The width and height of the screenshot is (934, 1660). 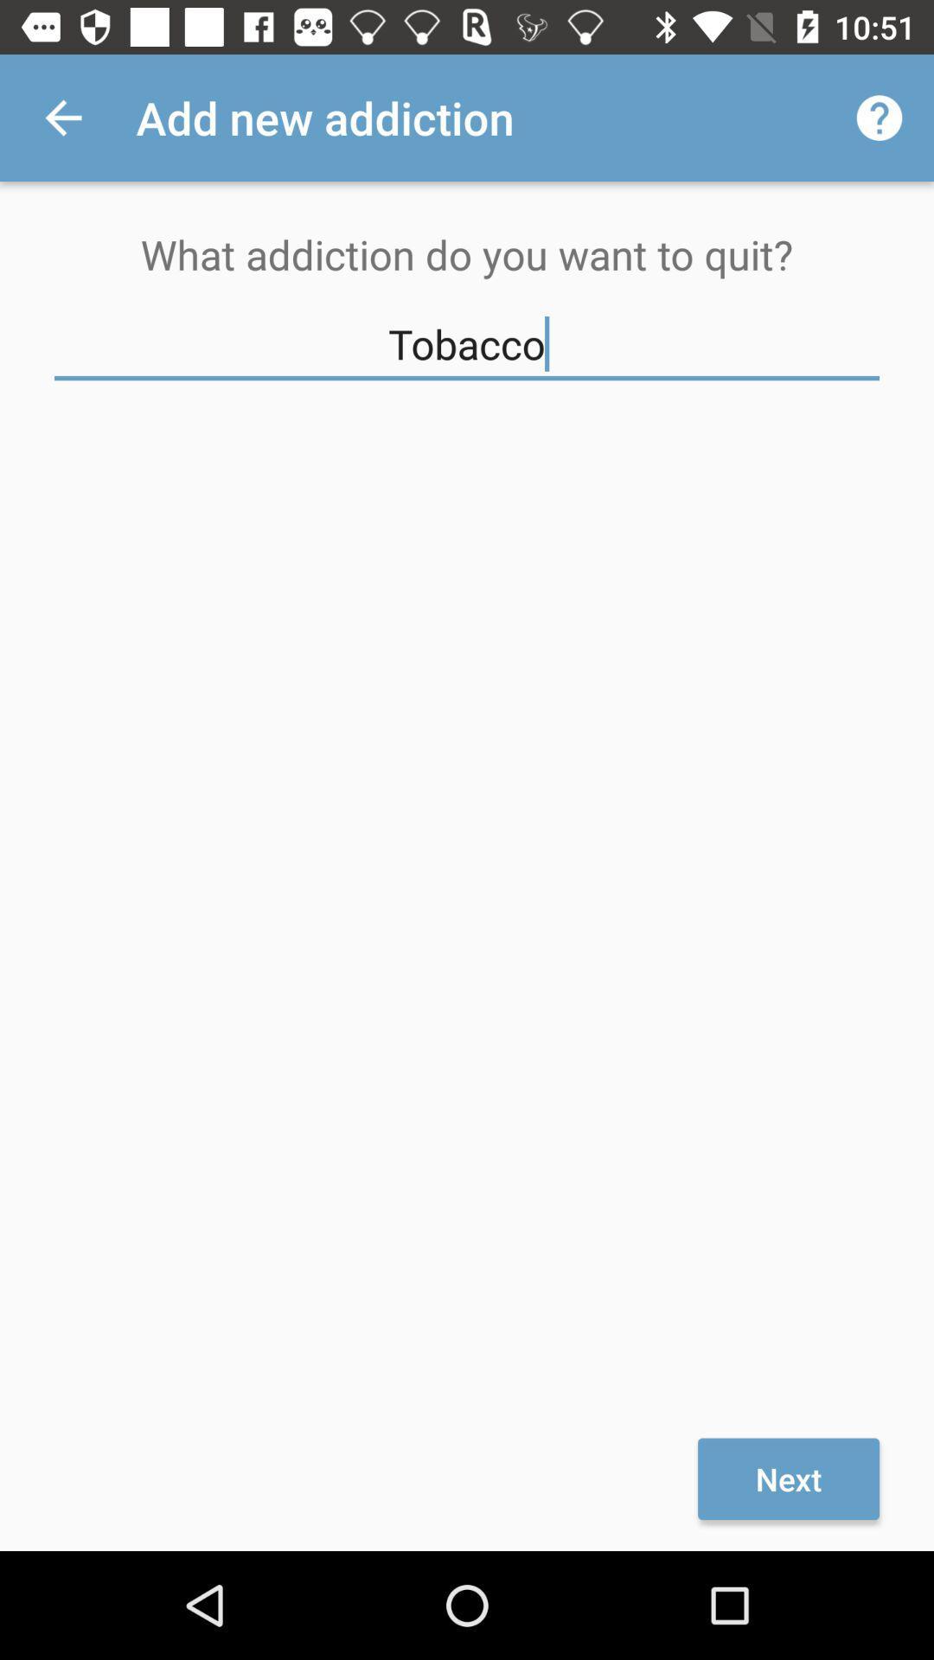 What do you see at coordinates (467, 344) in the screenshot?
I see `tobacco item` at bounding box center [467, 344].